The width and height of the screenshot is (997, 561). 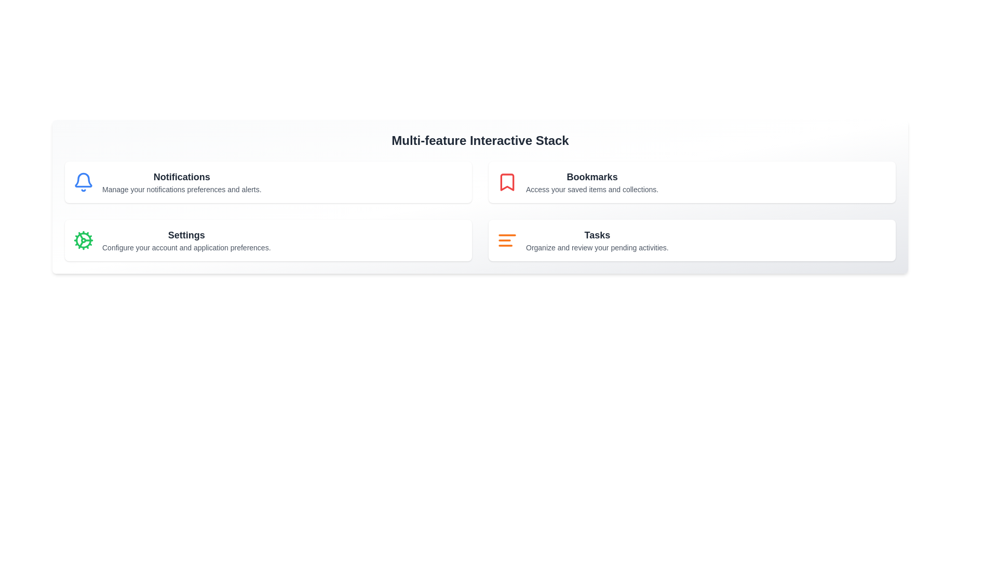 I want to click on the static text element titled 'Multi-feature Interactive Stack' at the top of the panel, so click(x=480, y=140).